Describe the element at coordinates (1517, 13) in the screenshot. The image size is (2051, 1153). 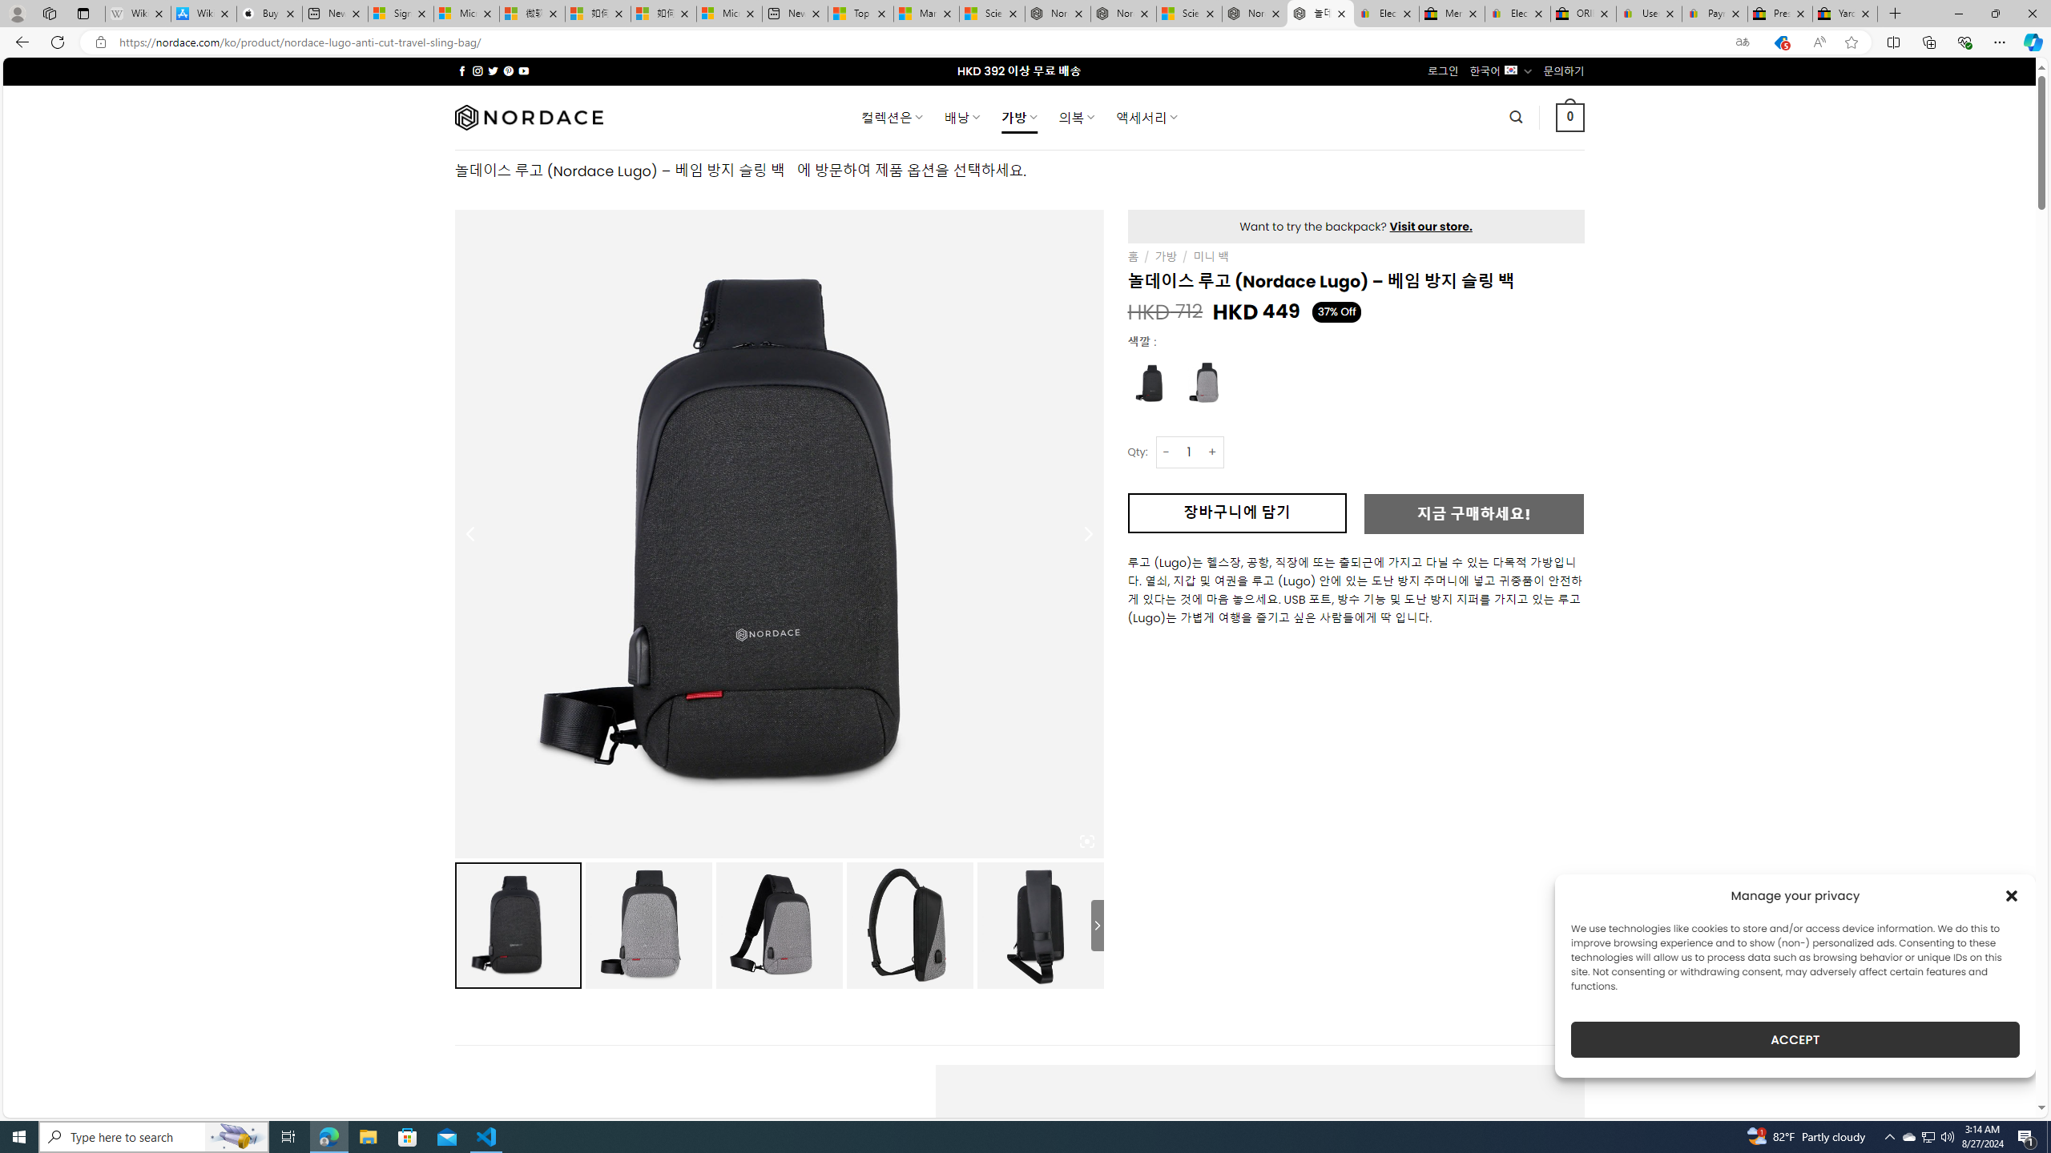
I see `'Electronics, Cars, Fashion, Collectibles & More | eBay'` at that location.